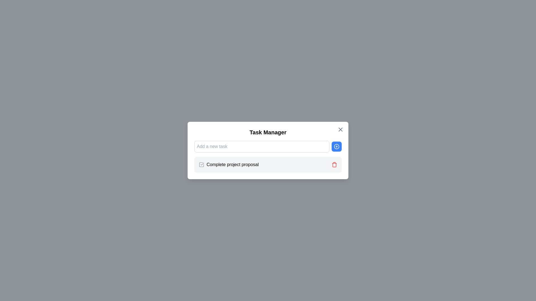 This screenshot has width=536, height=301. What do you see at coordinates (336, 146) in the screenshot?
I see `the blue circular button with a plus symbol` at bounding box center [336, 146].